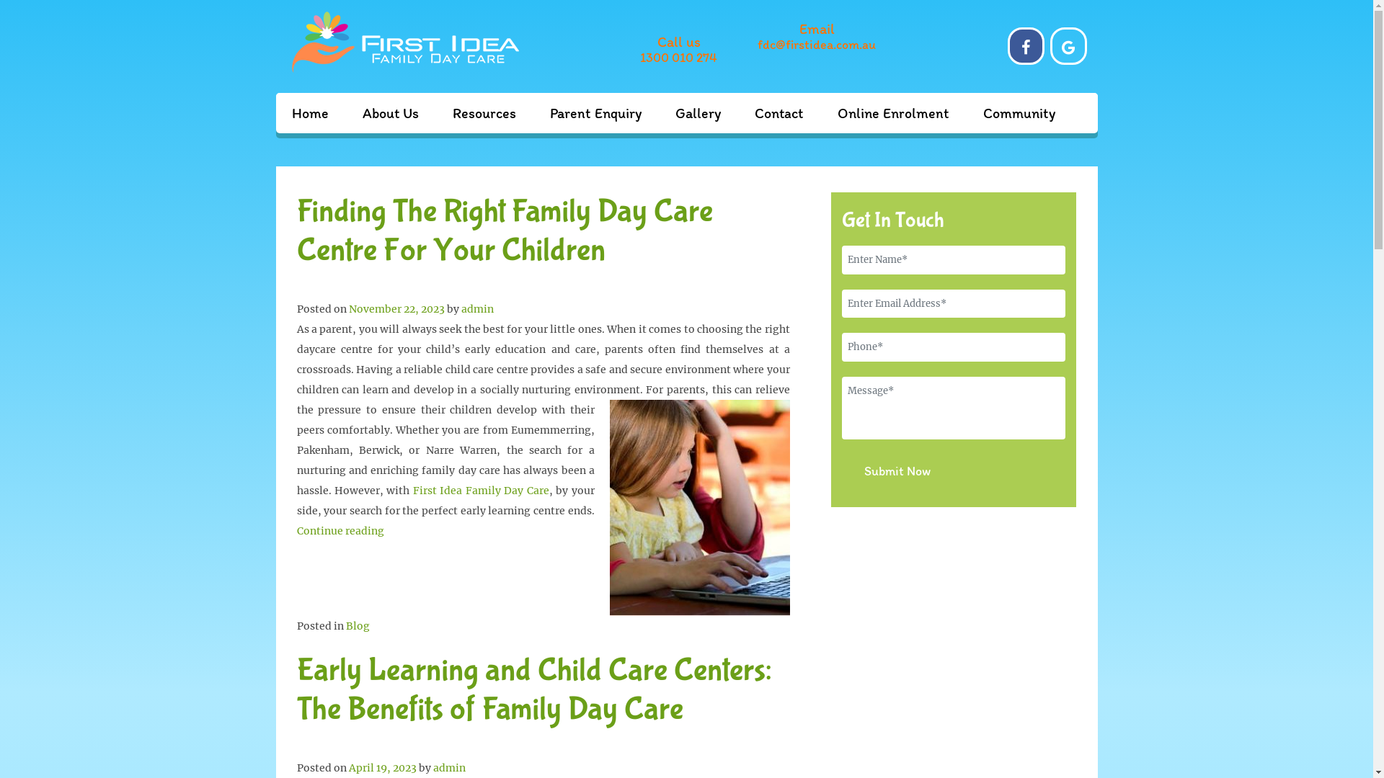  What do you see at coordinates (896, 471) in the screenshot?
I see `'Submit Now'` at bounding box center [896, 471].